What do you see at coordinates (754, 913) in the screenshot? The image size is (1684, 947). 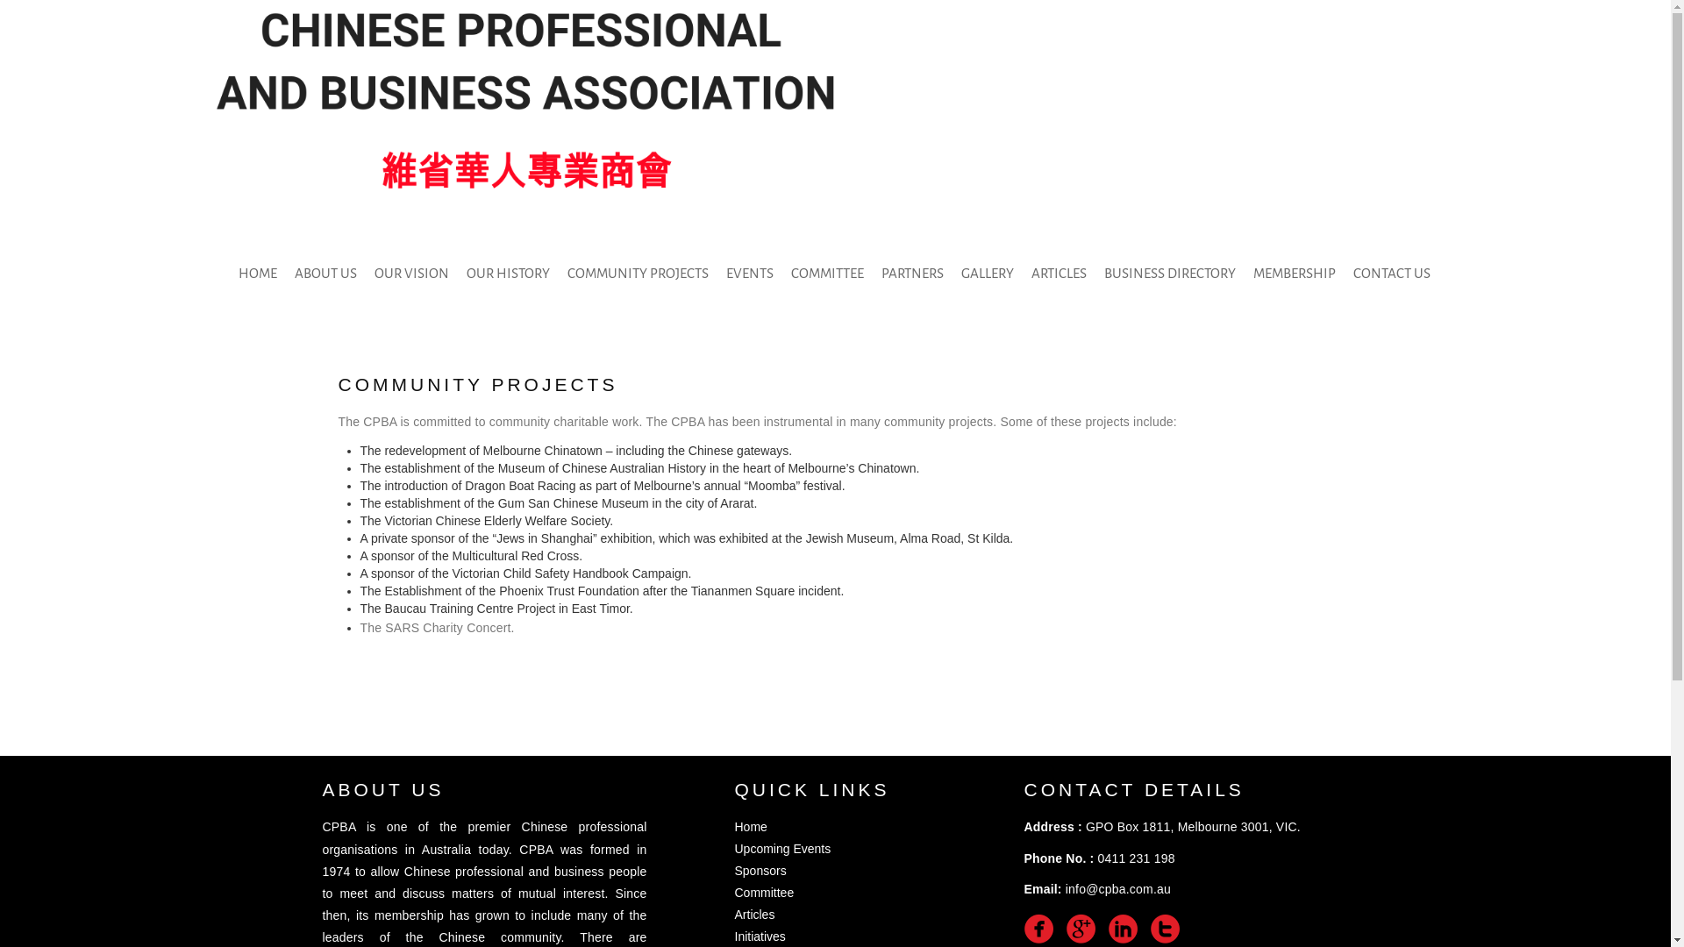 I see `'Articles'` at bounding box center [754, 913].